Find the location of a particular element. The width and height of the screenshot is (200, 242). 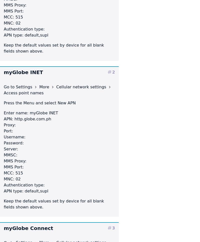

'Menu' is located at coordinates (23, 102).